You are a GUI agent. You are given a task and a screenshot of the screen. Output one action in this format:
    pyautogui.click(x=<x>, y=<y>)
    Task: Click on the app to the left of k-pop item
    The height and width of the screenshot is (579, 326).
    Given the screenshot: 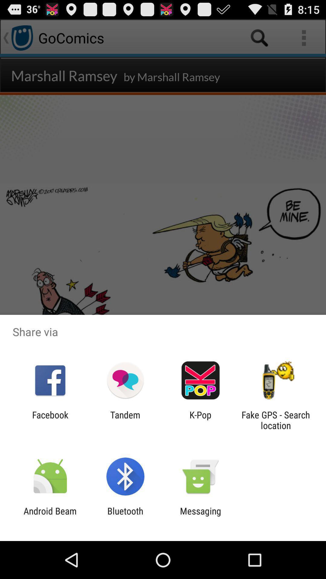 What is the action you would take?
    pyautogui.click(x=125, y=420)
    